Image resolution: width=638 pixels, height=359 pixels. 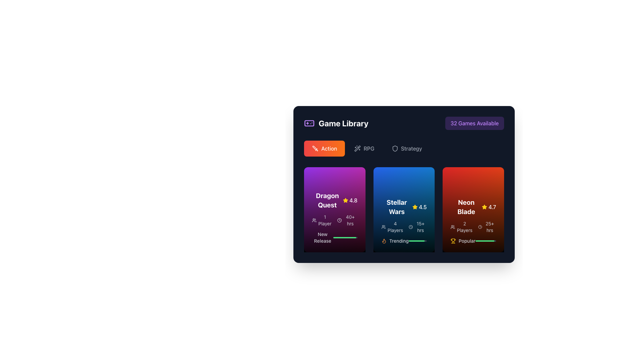 I want to click on the rating information displayed in the title and rating section for the game 'Dragon Quest' on the purple card, so click(x=335, y=200).